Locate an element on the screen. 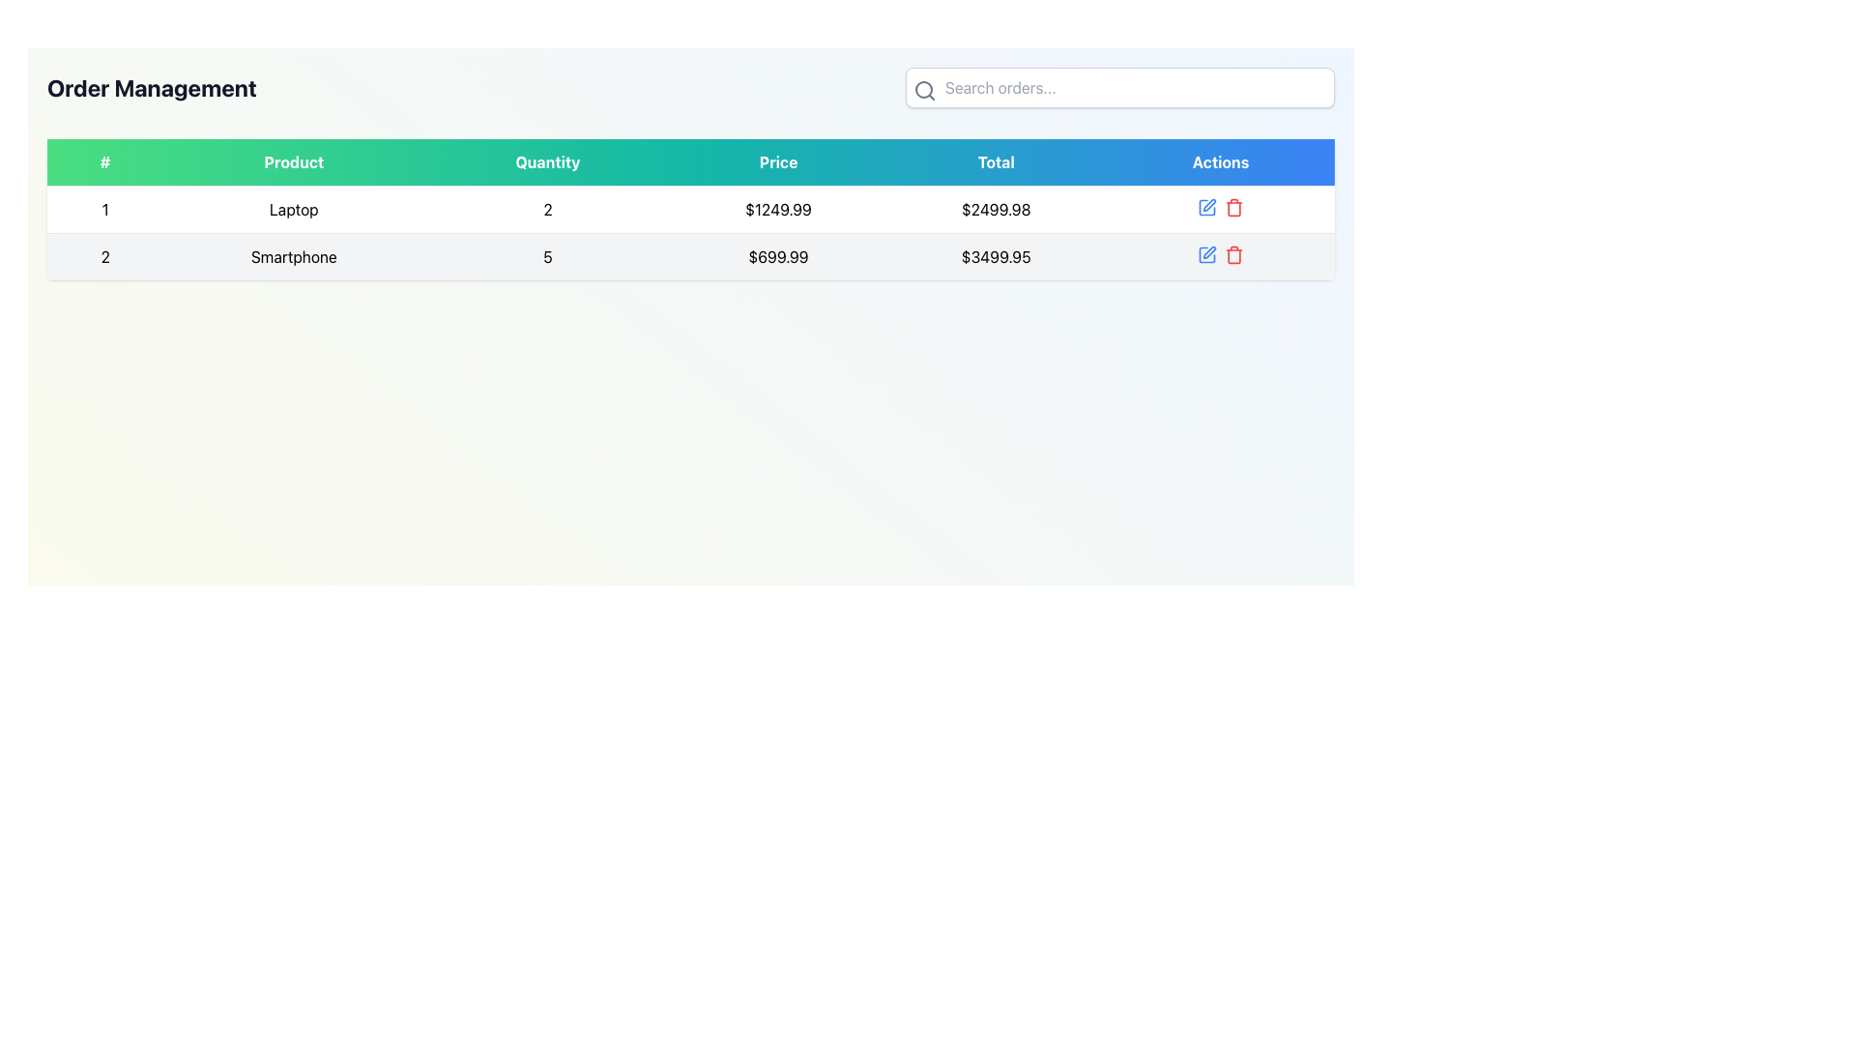 The width and height of the screenshot is (1856, 1044). the static text label displaying 'Actions' in white on a blue background, which is positioned in the header layout to the right of the 'Total' header is located at coordinates (1220, 161).